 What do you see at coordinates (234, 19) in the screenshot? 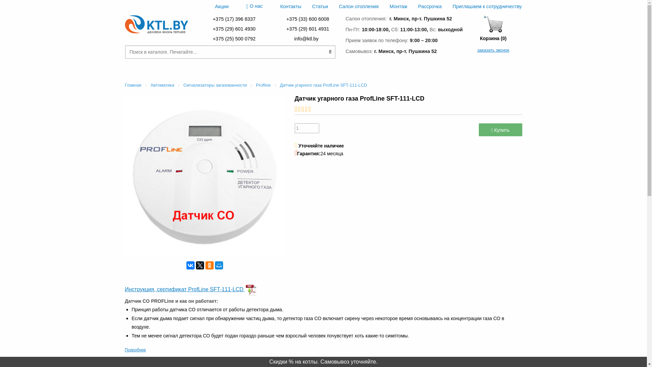
I see `'+375 (17) 396 8337'` at bounding box center [234, 19].